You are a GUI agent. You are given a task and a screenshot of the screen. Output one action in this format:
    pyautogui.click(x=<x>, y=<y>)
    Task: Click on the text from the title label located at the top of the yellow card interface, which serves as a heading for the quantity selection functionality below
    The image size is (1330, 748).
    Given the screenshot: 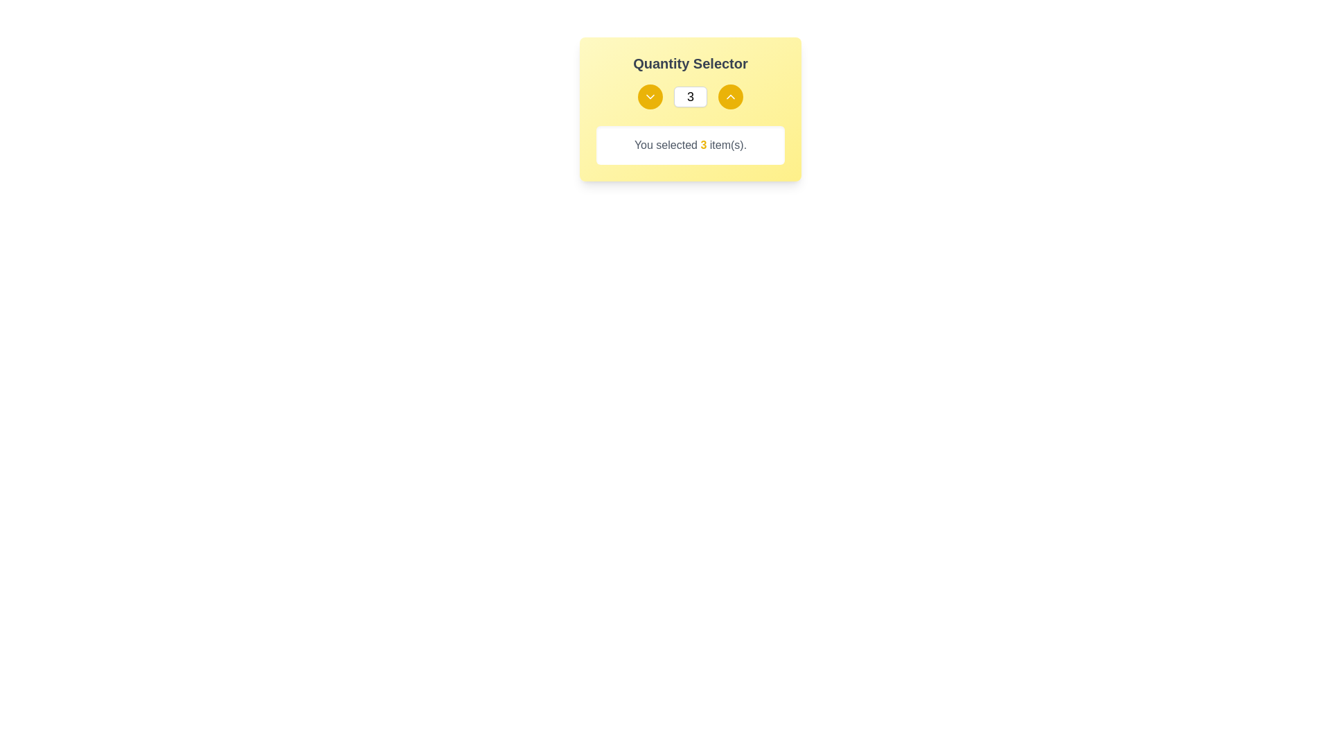 What is the action you would take?
    pyautogui.click(x=691, y=64)
    